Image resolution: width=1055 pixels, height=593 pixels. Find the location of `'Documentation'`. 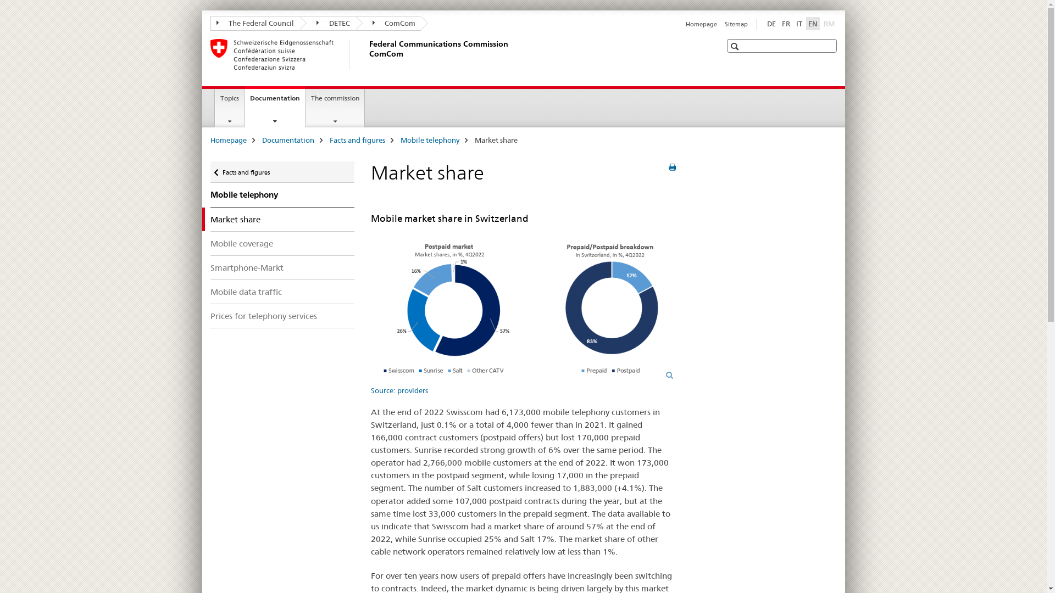

'Documentation' is located at coordinates (287, 139).